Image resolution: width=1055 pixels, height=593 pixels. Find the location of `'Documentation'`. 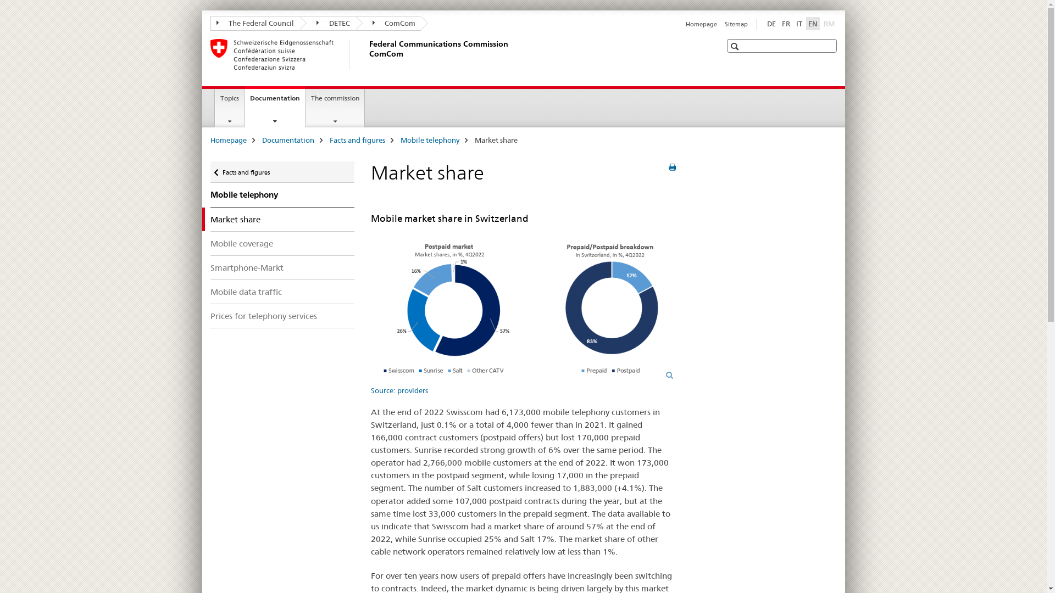

'Documentation' is located at coordinates (287, 139).